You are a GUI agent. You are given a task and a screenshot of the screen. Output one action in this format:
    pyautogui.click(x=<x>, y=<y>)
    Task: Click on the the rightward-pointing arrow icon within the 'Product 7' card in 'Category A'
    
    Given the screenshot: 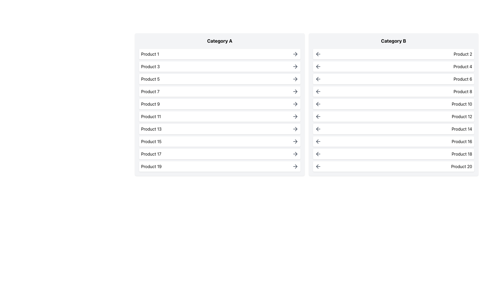 What is the action you would take?
    pyautogui.click(x=295, y=91)
    